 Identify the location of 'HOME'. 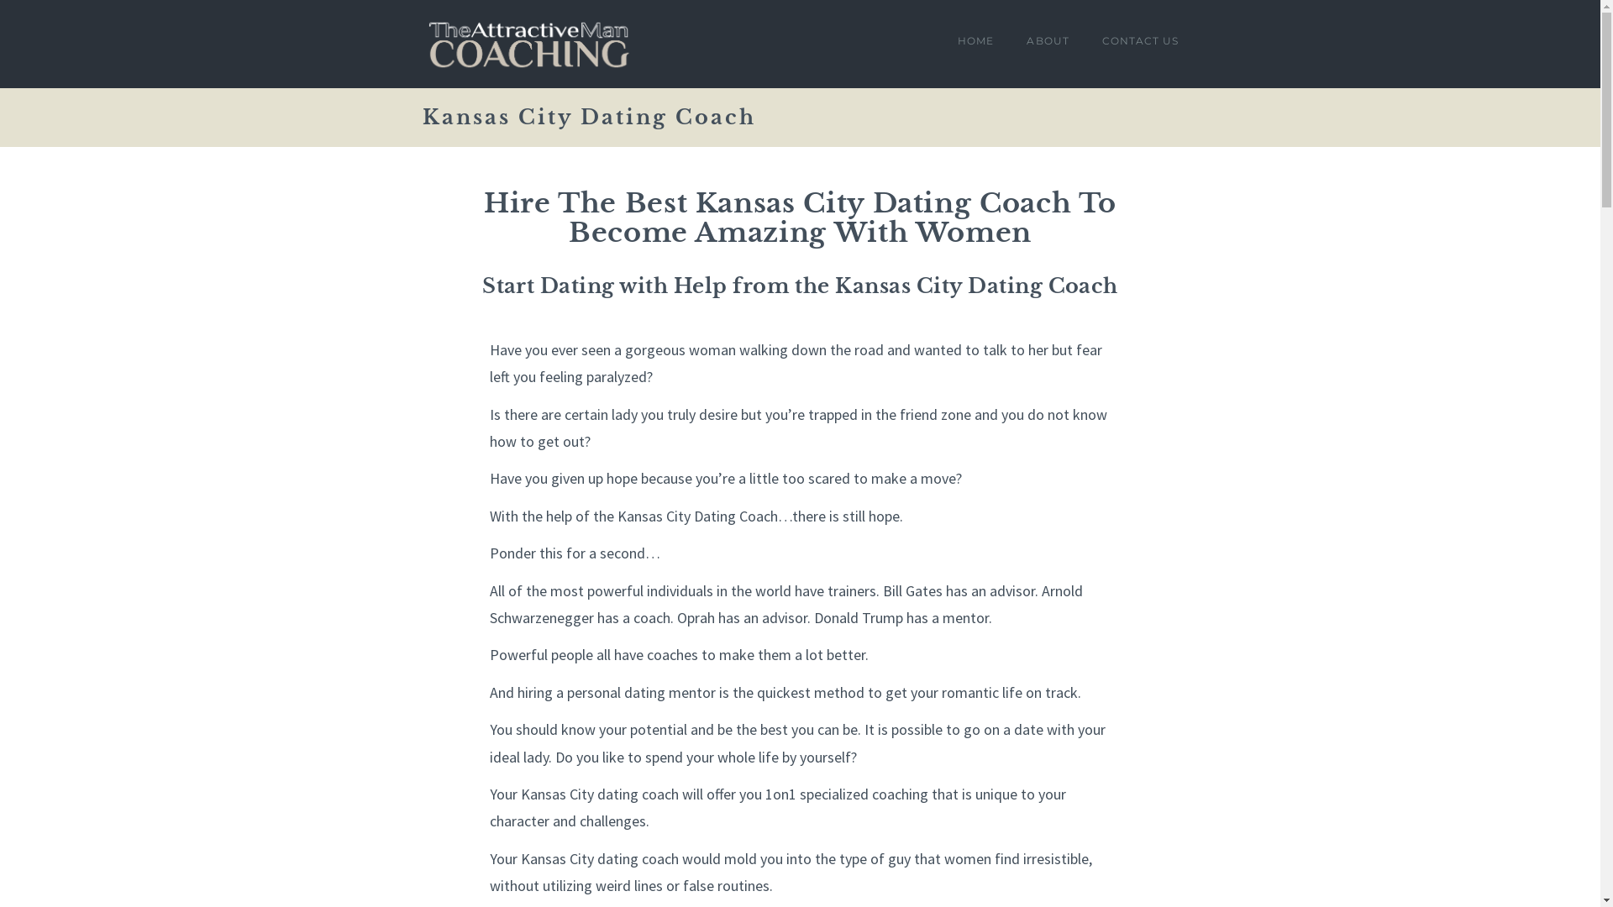
(975, 43).